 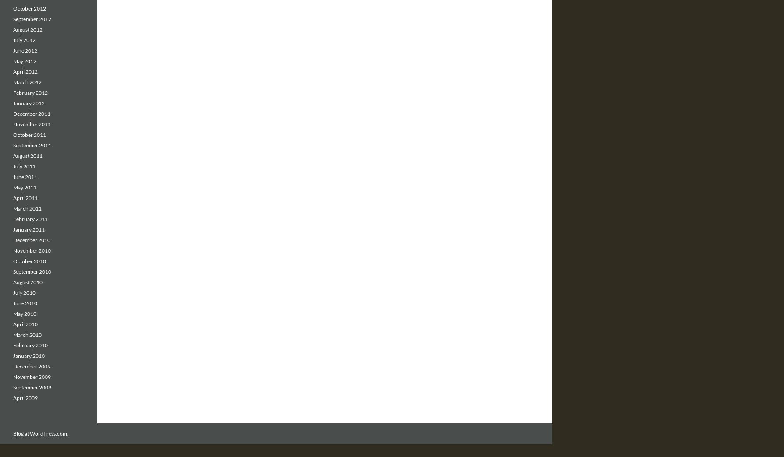 I want to click on 'July 2010', so click(x=13, y=293).